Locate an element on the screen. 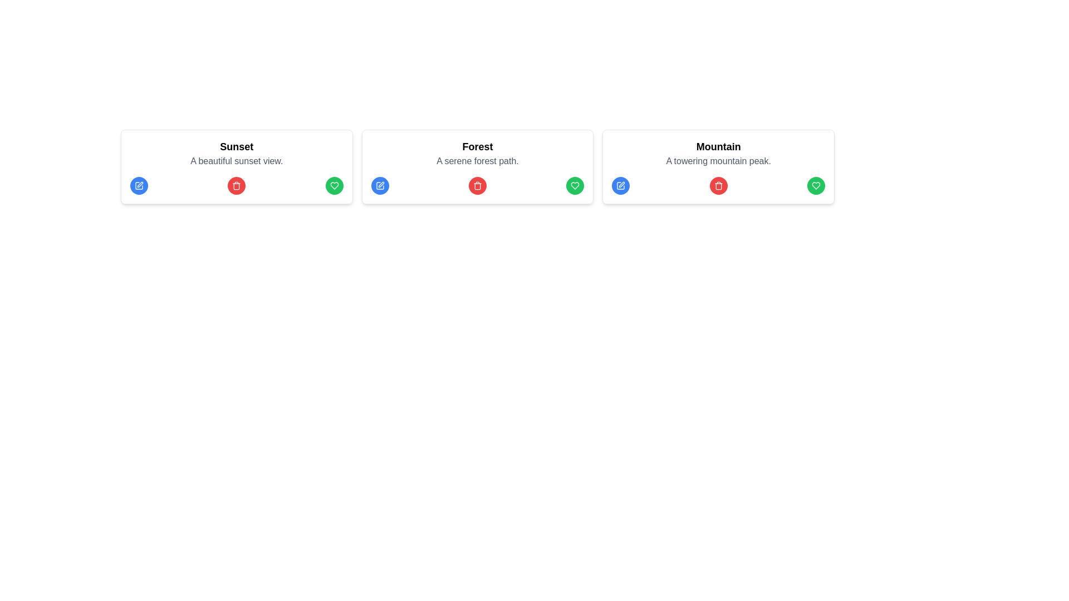 The width and height of the screenshot is (1069, 601). the circular blue button with a white pen icon located in the first interactive section under the card labeled 'Forest' is located at coordinates (380, 185).